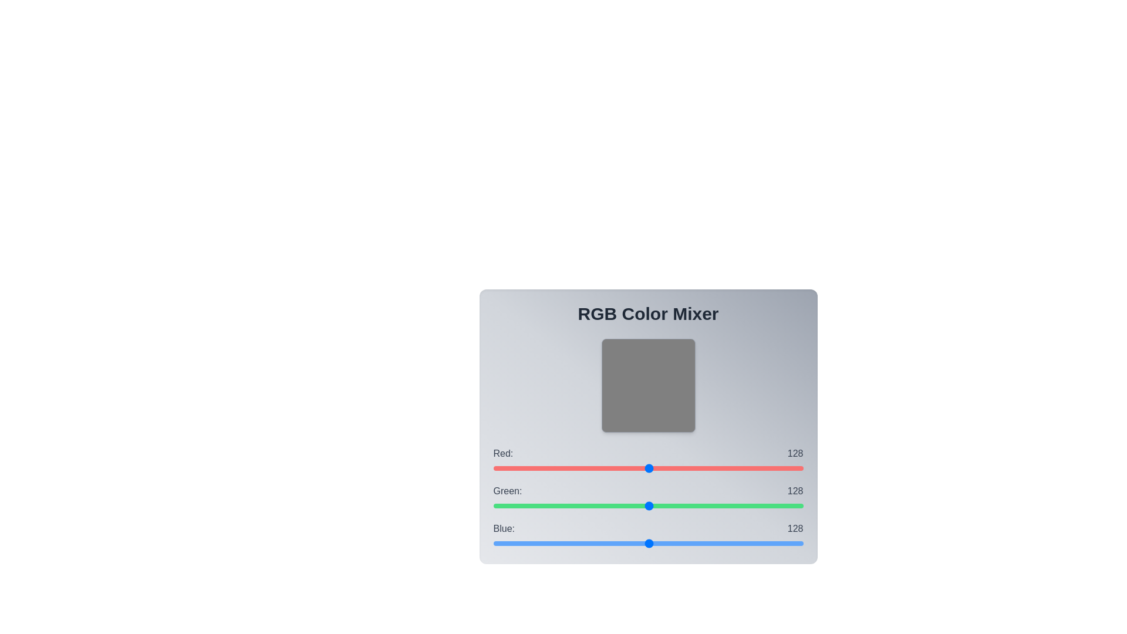 This screenshot has width=1127, height=634. Describe the element at coordinates (528, 505) in the screenshot. I see `the green slider to set its value to 29` at that location.